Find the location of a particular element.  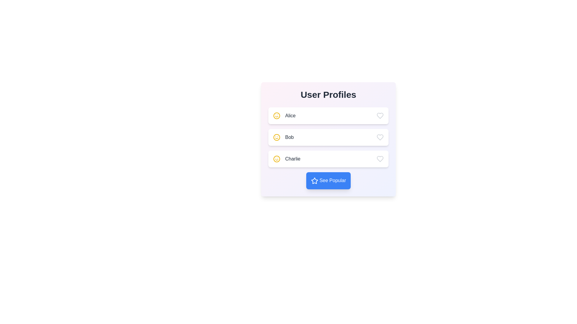

the star icon that has a white outline and a blue background, located within the 'See Popular' button near the lower section of the interface is located at coordinates (314, 180).